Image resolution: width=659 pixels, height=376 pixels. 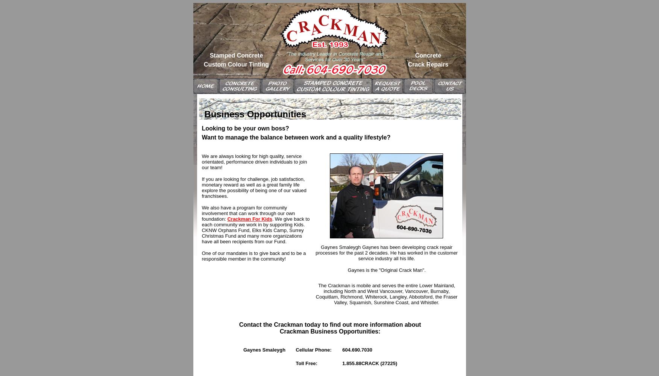 What do you see at coordinates (201, 213) in the screenshot?
I see `'We 
                      also have a program for community involvement that can work 
                      through our own foundation:'` at bounding box center [201, 213].